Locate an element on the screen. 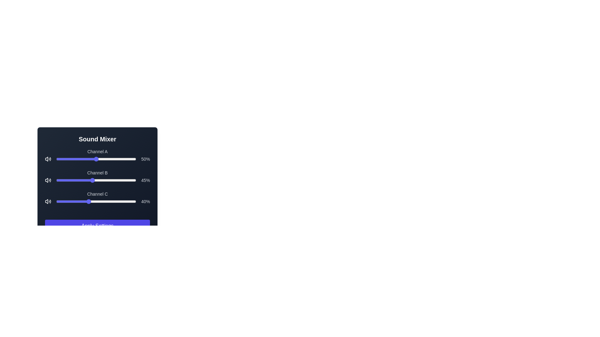 This screenshot has width=600, height=337. Channel A volume is located at coordinates (84, 159).